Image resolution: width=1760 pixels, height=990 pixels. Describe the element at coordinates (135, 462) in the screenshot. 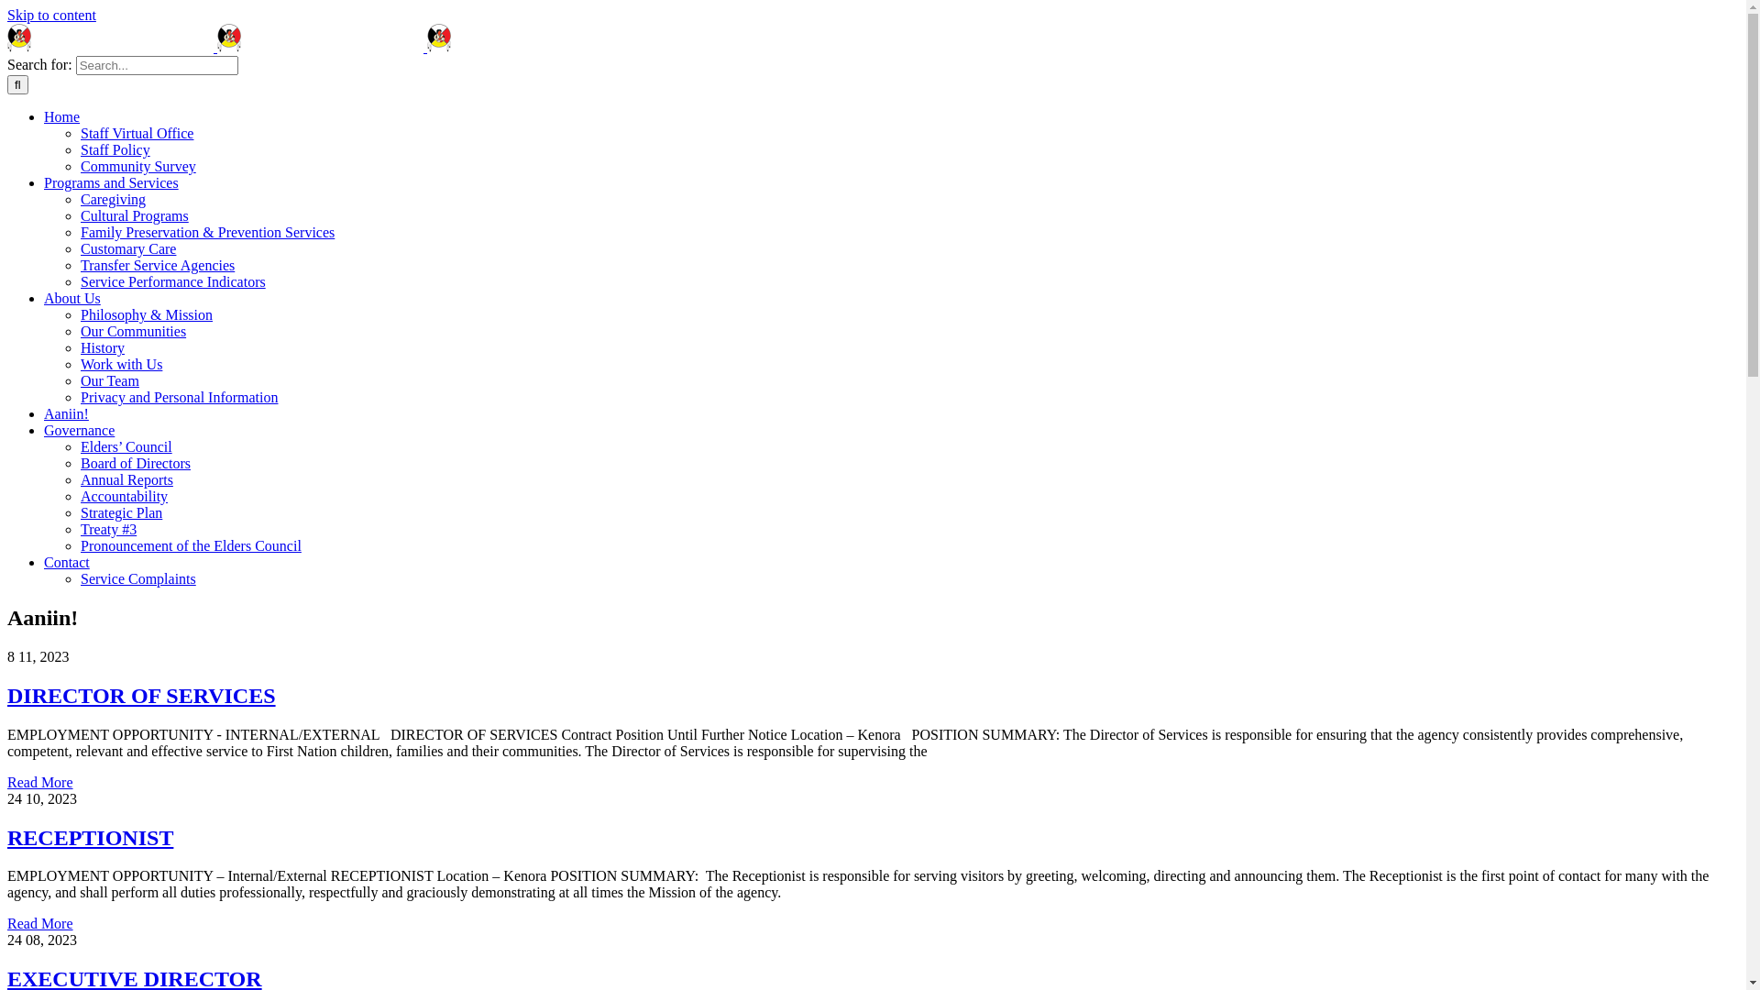

I see `'Board of Directors'` at that location.